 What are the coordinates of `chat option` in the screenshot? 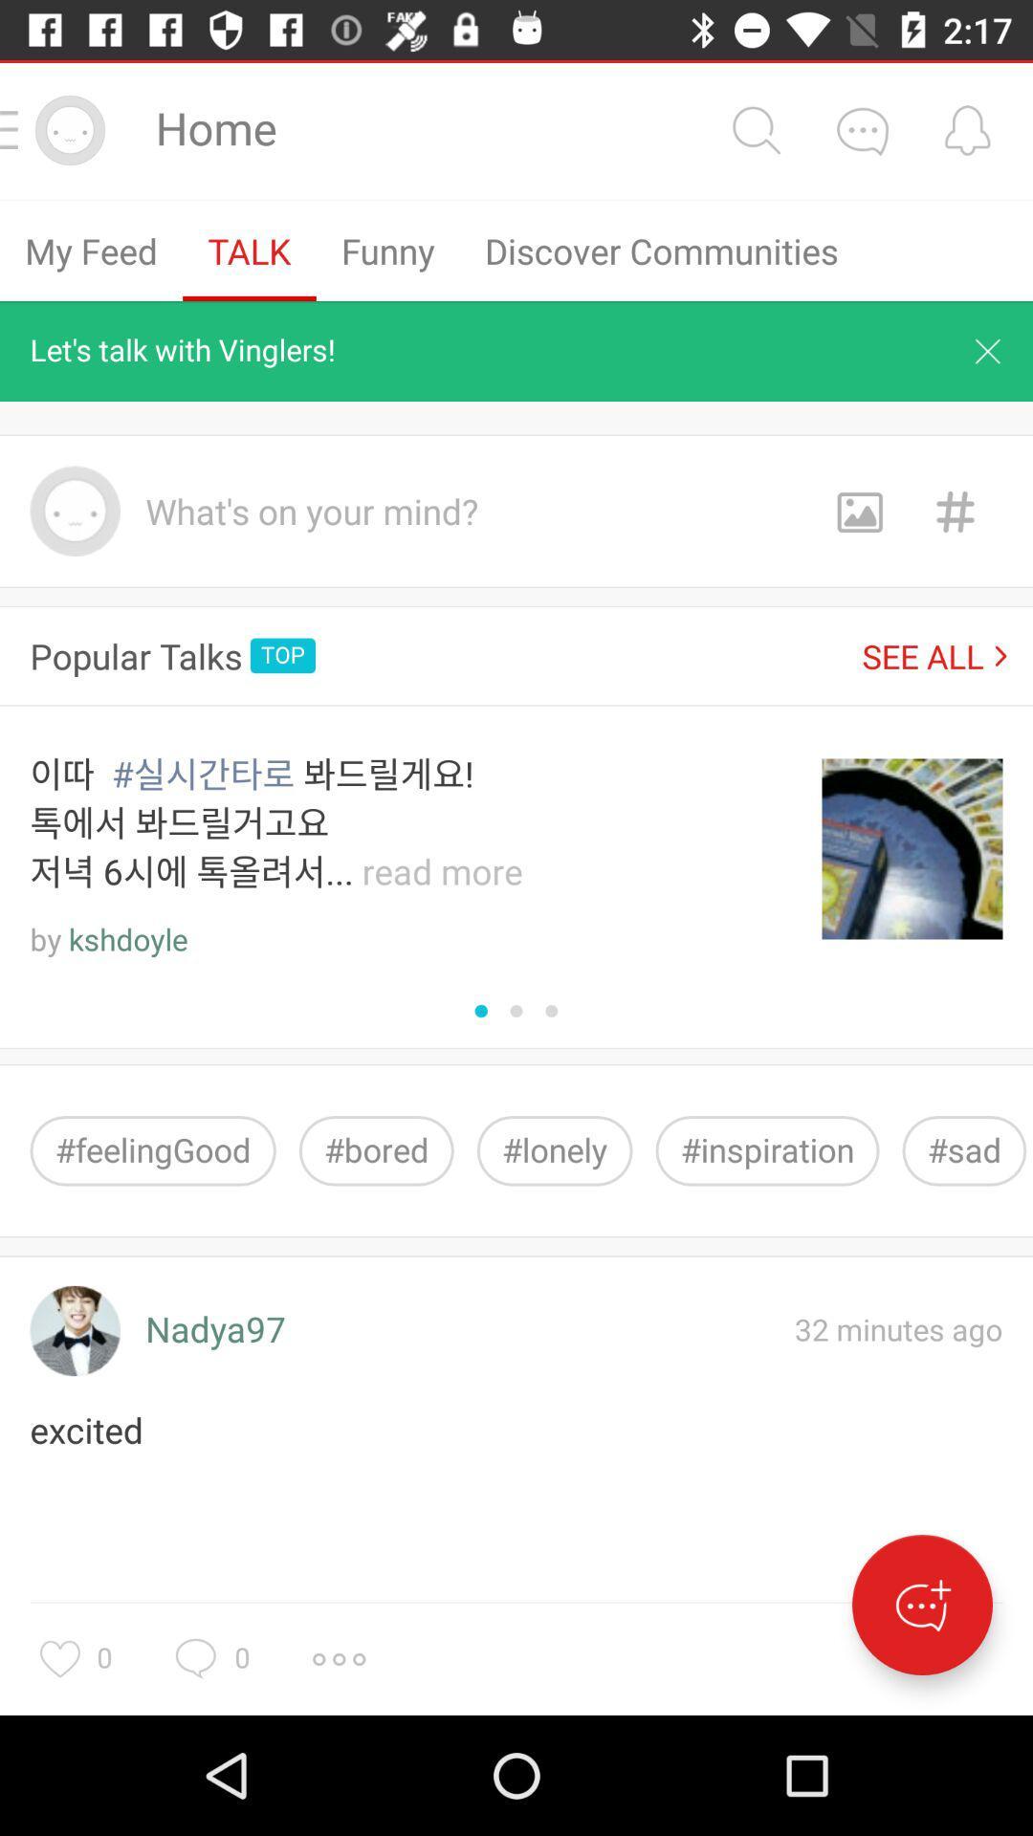 It's located at (921, 1605).